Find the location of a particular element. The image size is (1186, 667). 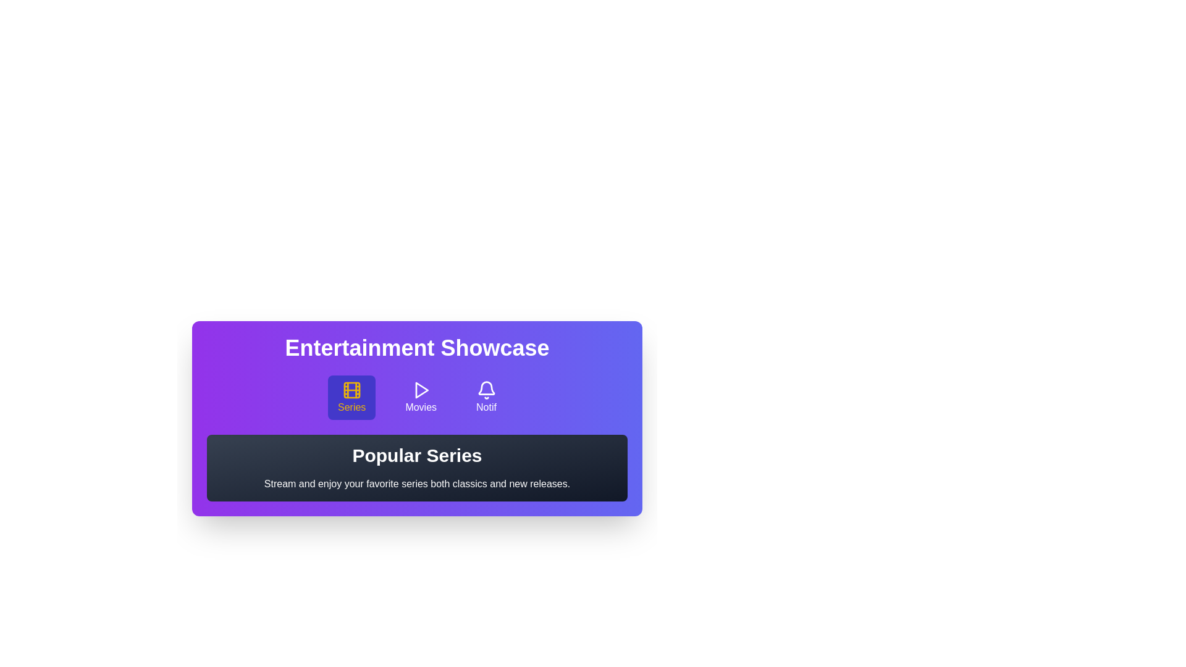

the 'Movies' text label in the navigation bar is located at coordinates (421, 407).